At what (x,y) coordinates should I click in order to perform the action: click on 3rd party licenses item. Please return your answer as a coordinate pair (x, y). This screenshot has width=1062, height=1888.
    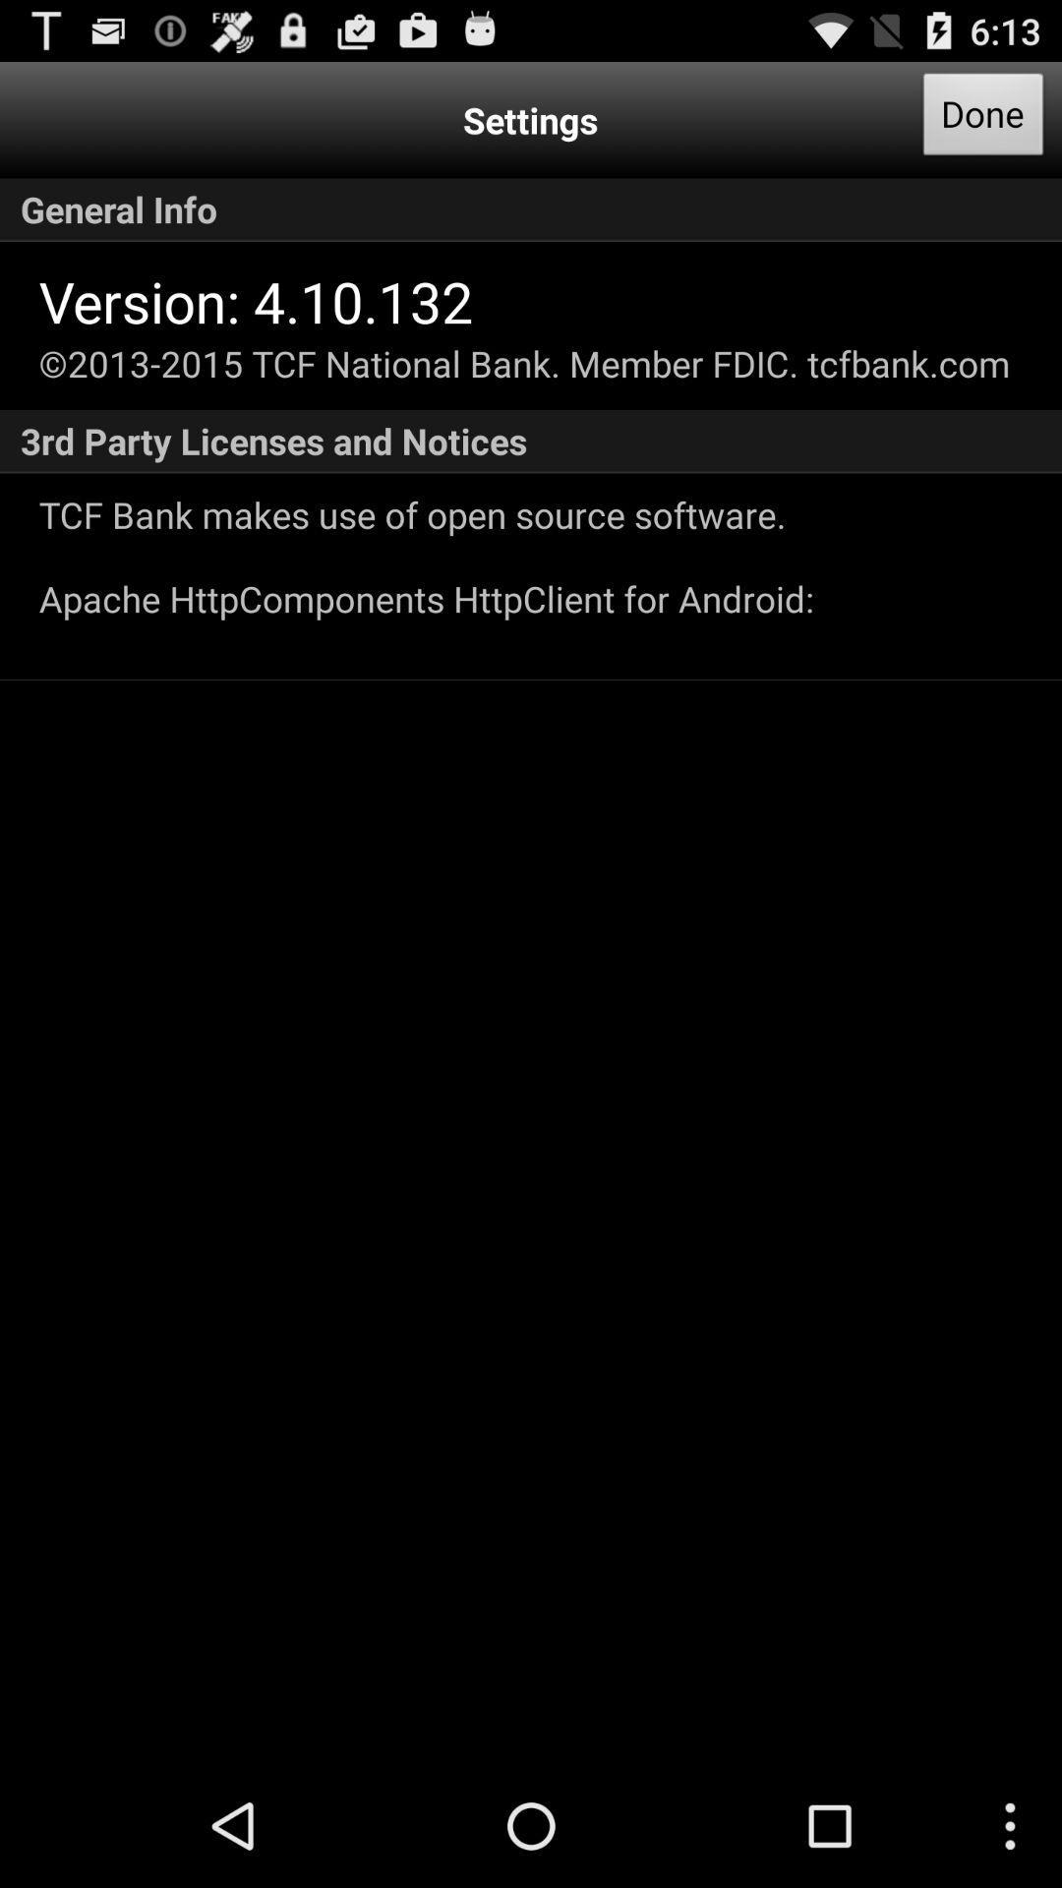
    Looking at the image, I should click on (531, 441).